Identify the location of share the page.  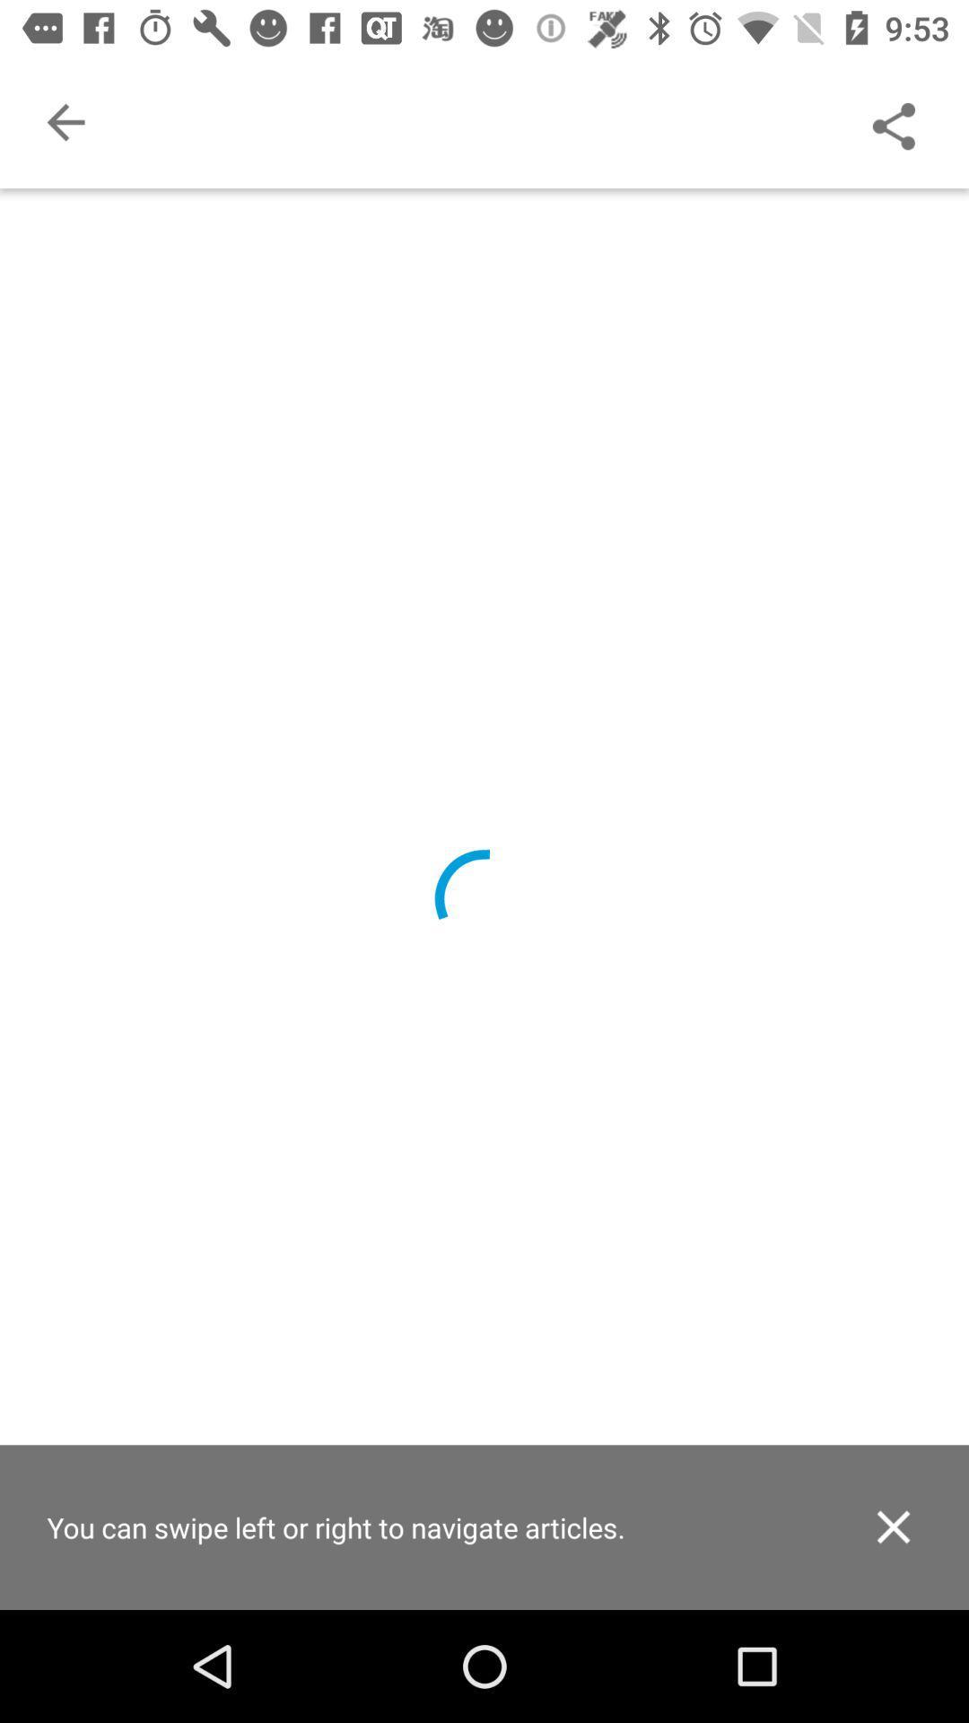
(893, 121).